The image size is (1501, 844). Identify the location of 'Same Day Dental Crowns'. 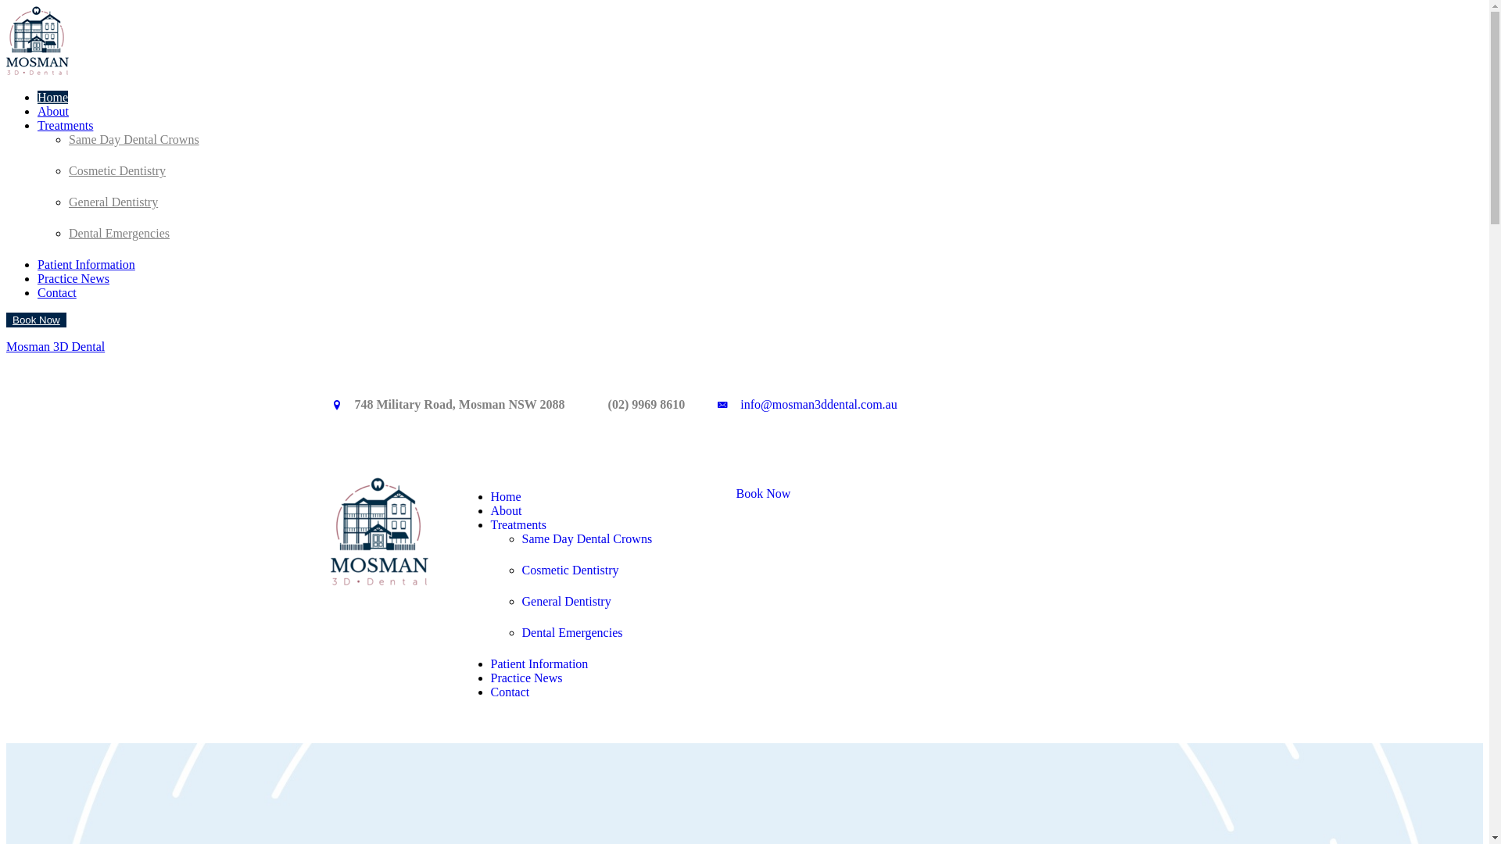
(586, 533).